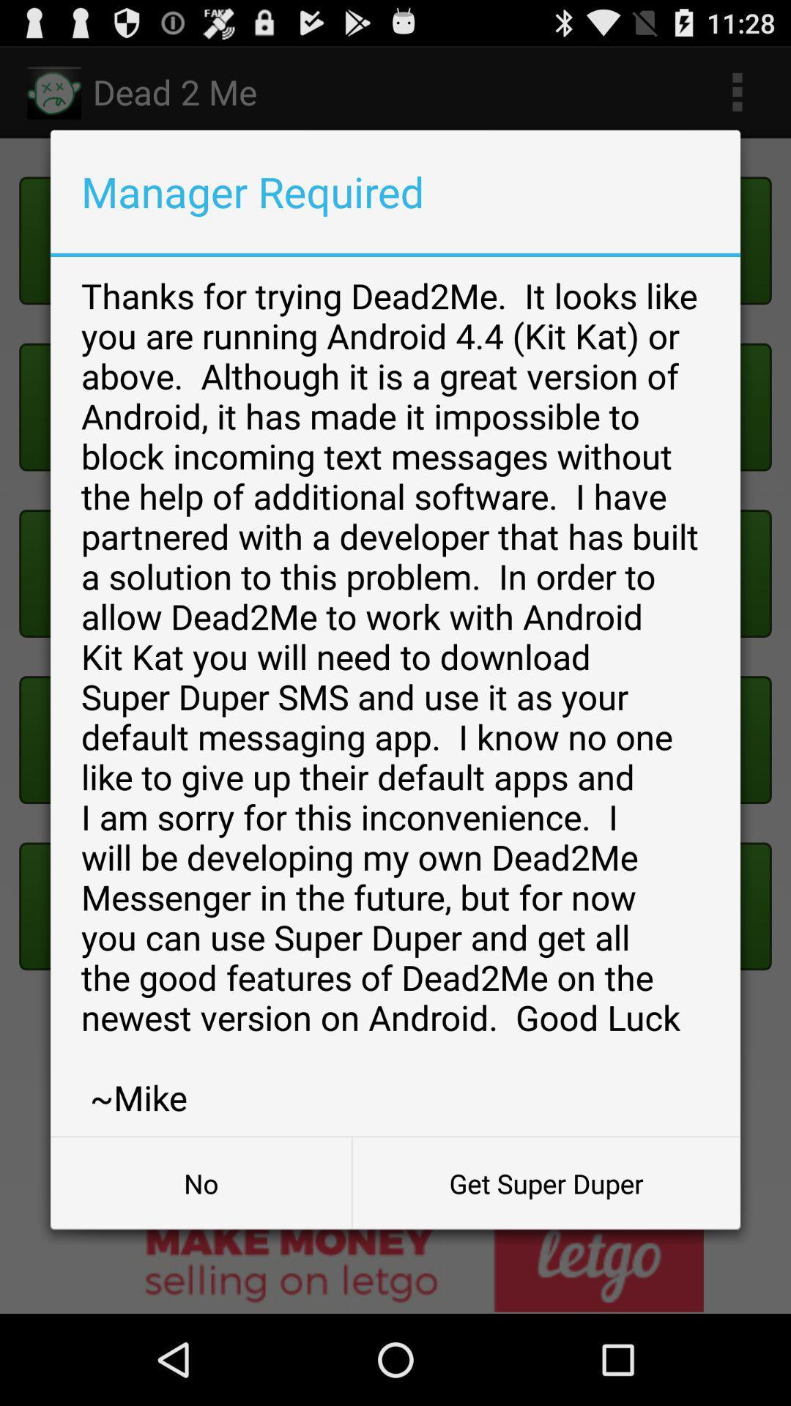 The image size is (791, 1406). Describe the element at coordinates (201, 1183) in the screenshot. I see `the app below the thanks for trying item` at that location.